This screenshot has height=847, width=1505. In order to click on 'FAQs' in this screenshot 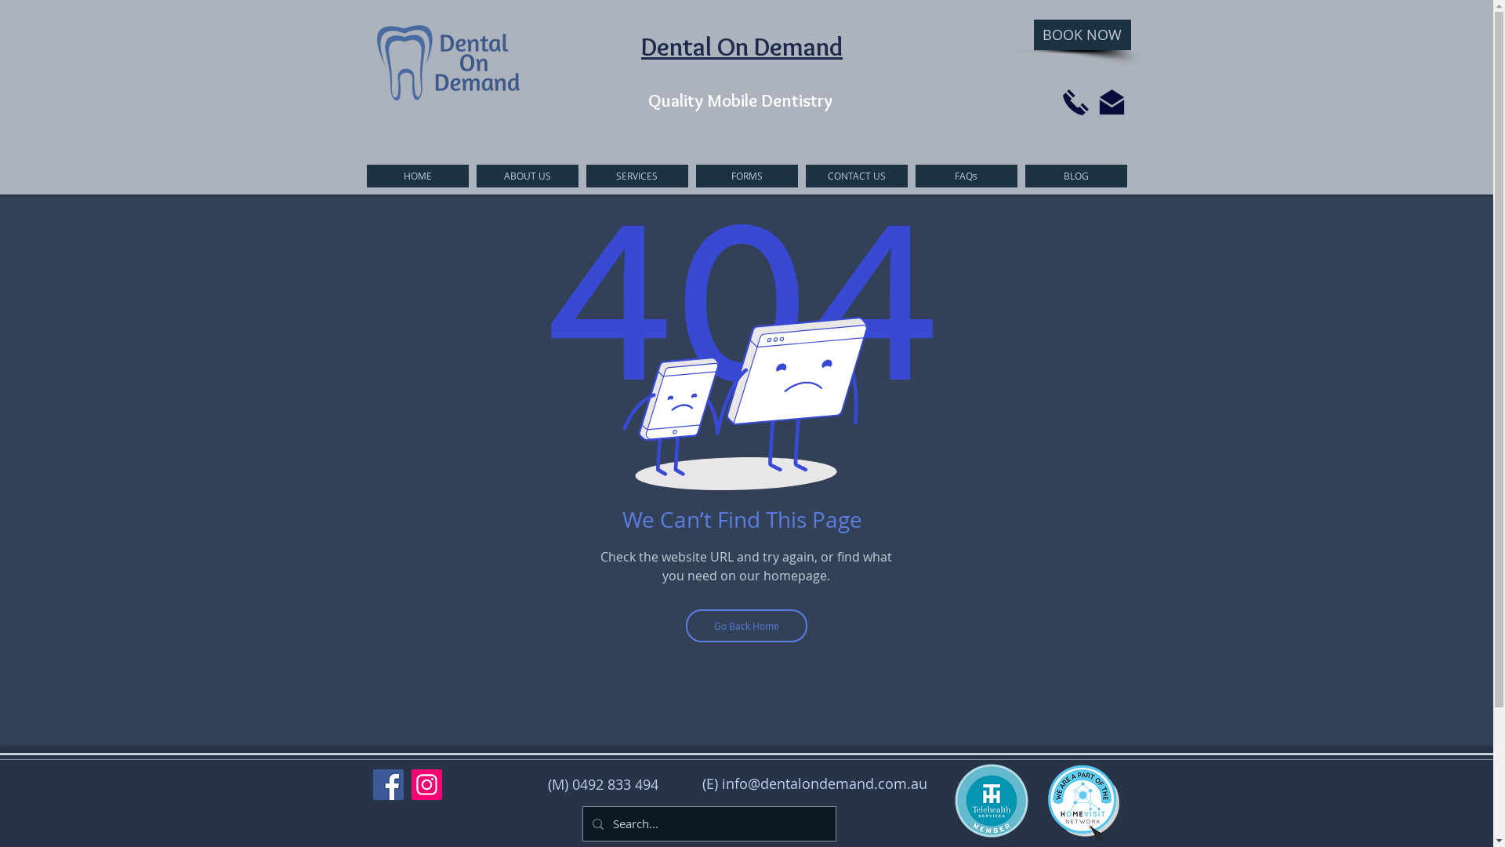, I will do `click(966, 176)`.